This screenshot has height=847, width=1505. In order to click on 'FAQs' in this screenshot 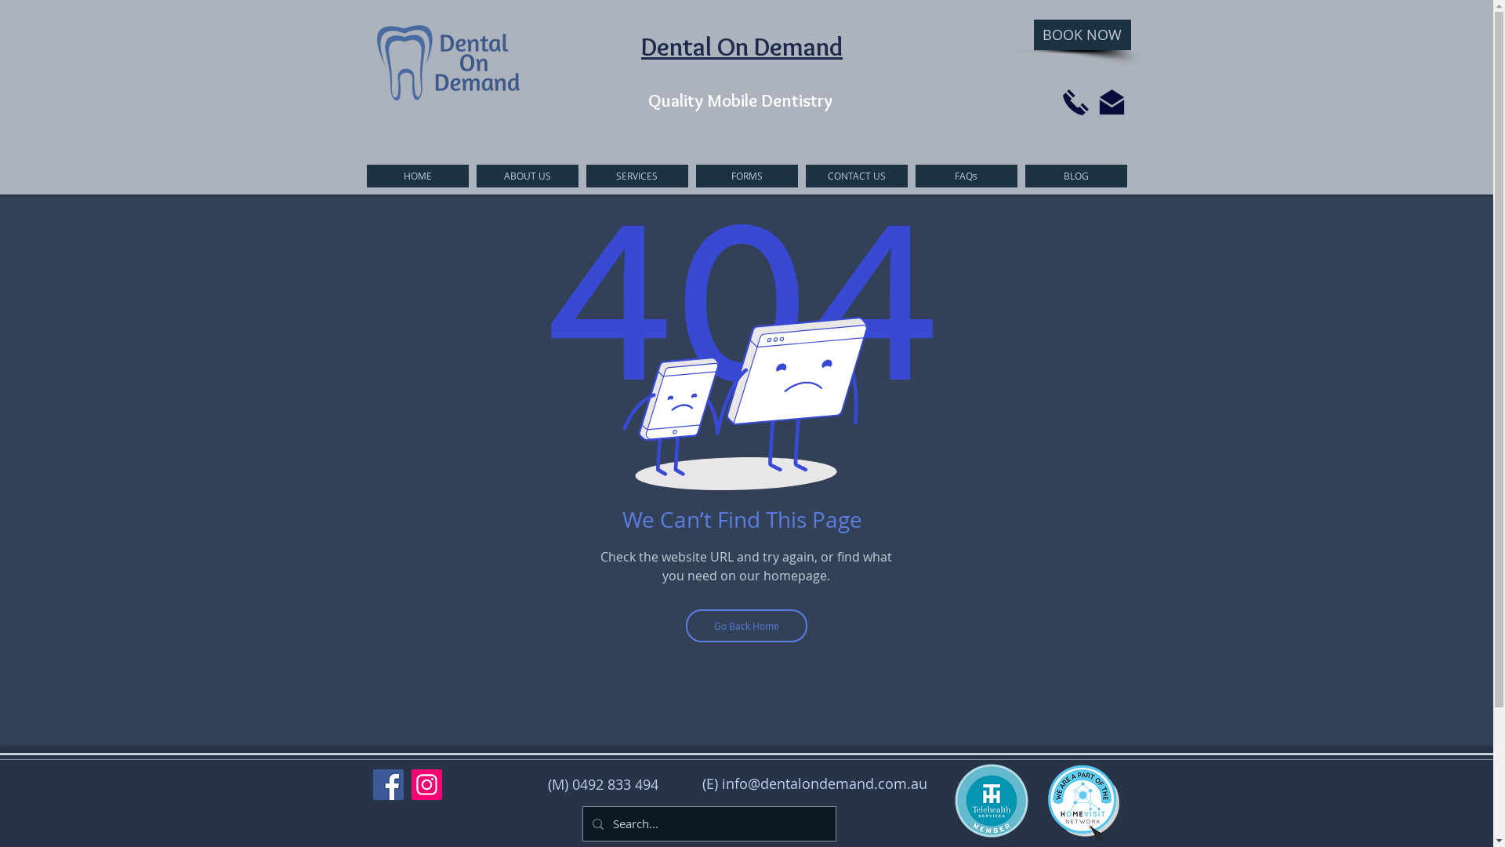, I will do `click(966, 176)`.